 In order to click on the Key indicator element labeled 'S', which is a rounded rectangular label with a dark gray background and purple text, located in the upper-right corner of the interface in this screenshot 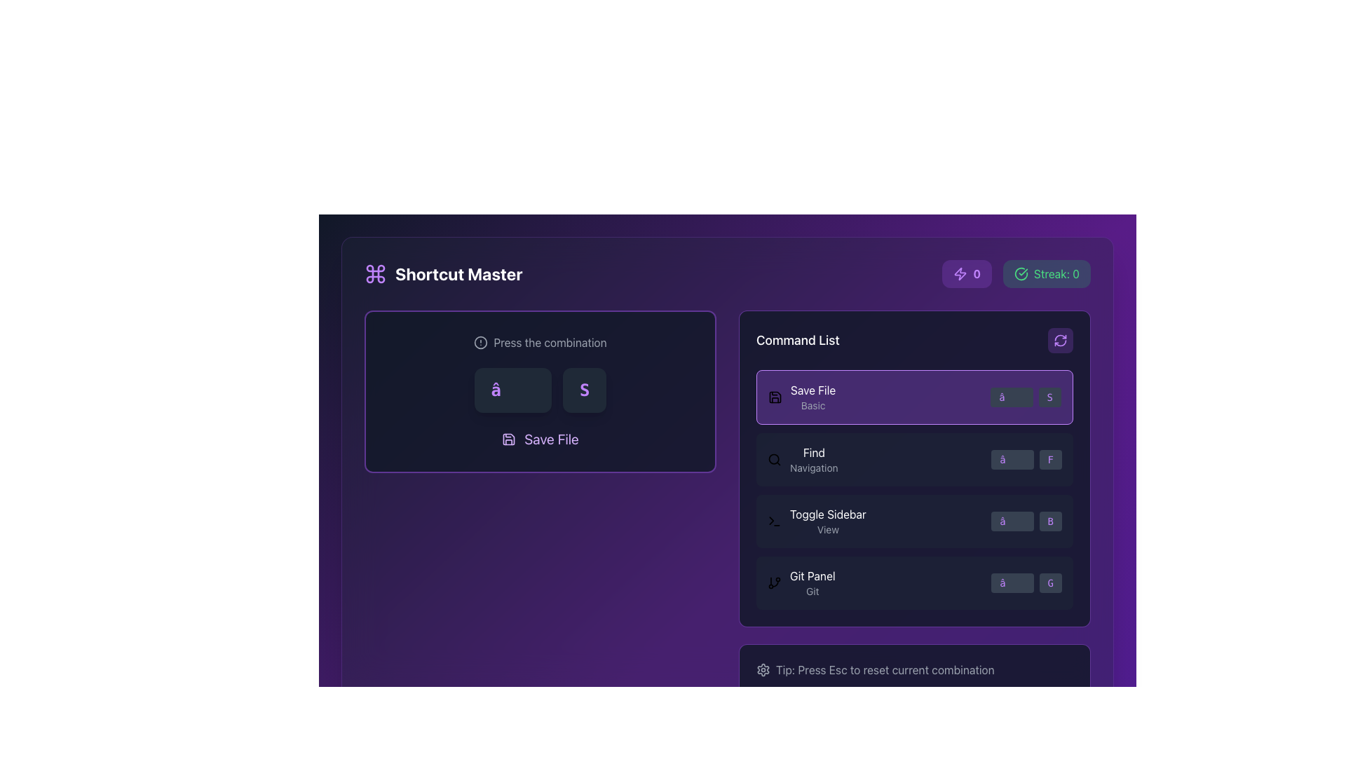, I will do `click(1049, 397)`.